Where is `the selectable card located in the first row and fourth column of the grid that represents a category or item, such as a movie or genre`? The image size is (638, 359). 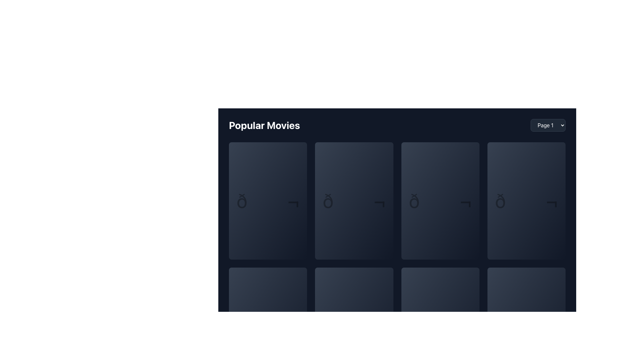
the selectable card located in the first row and fourth column of the grid that represents a category or item, such as a movie or genre is located at coordinates (526, 200).